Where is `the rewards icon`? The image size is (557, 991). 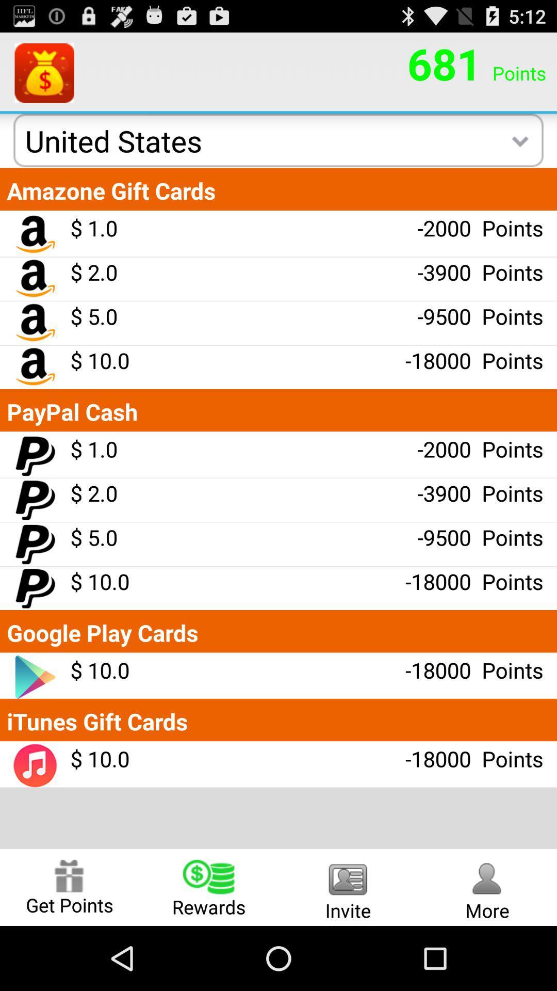 the rewards icon is located at coordinates (209, 887).